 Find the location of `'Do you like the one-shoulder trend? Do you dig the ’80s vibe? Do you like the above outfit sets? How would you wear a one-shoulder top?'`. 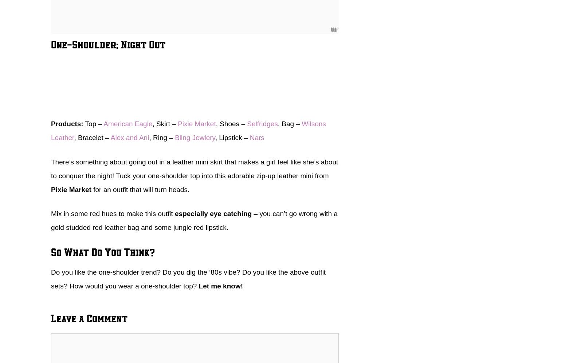

'Do you like the one-shoulder trend? Do you dig the ’80s vibe? Do you like the above outfit sets? How would you wear a one-shoulder top?' is located at coordinates (188, 278).